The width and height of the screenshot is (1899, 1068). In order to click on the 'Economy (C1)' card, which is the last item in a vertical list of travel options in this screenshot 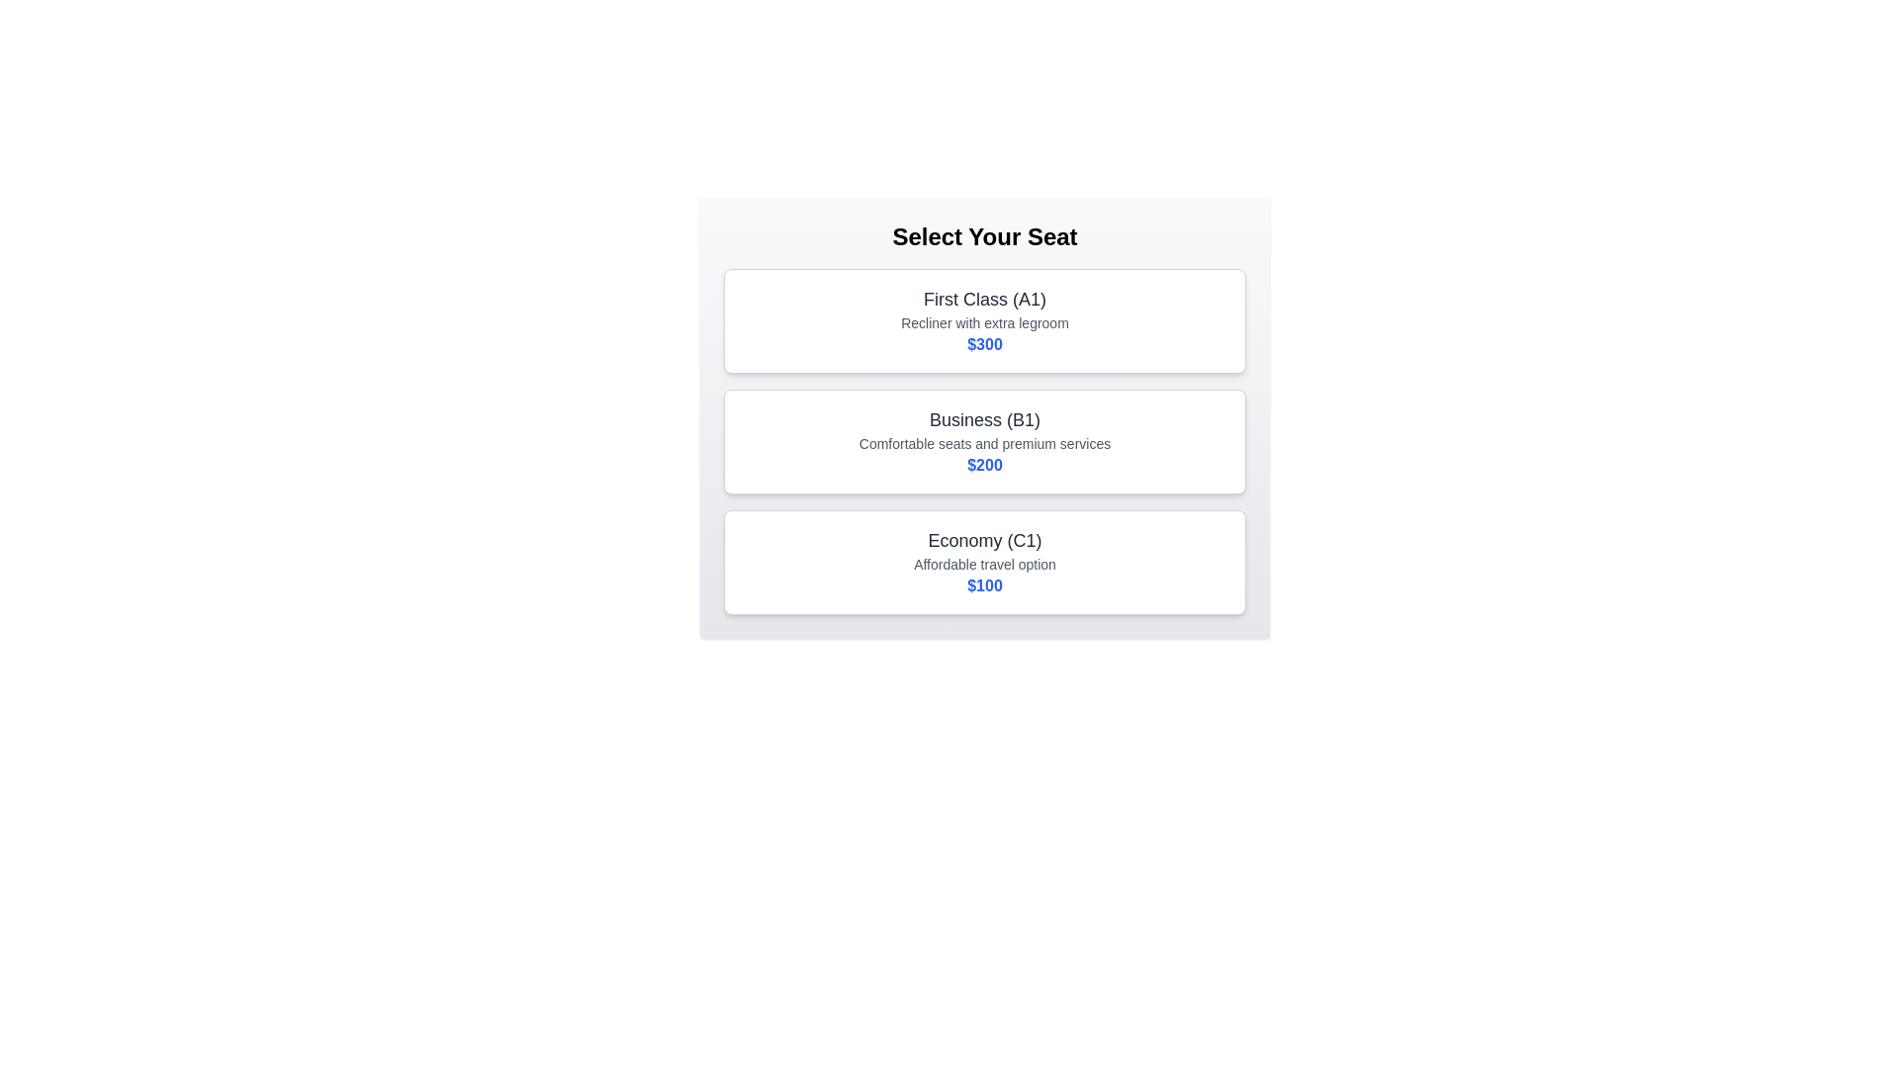, I will do `click(985, 563)`.